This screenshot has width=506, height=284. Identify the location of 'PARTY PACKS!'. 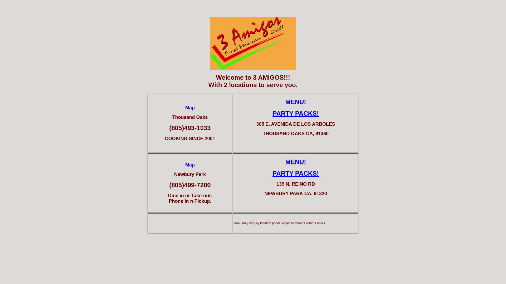
(296, 113).